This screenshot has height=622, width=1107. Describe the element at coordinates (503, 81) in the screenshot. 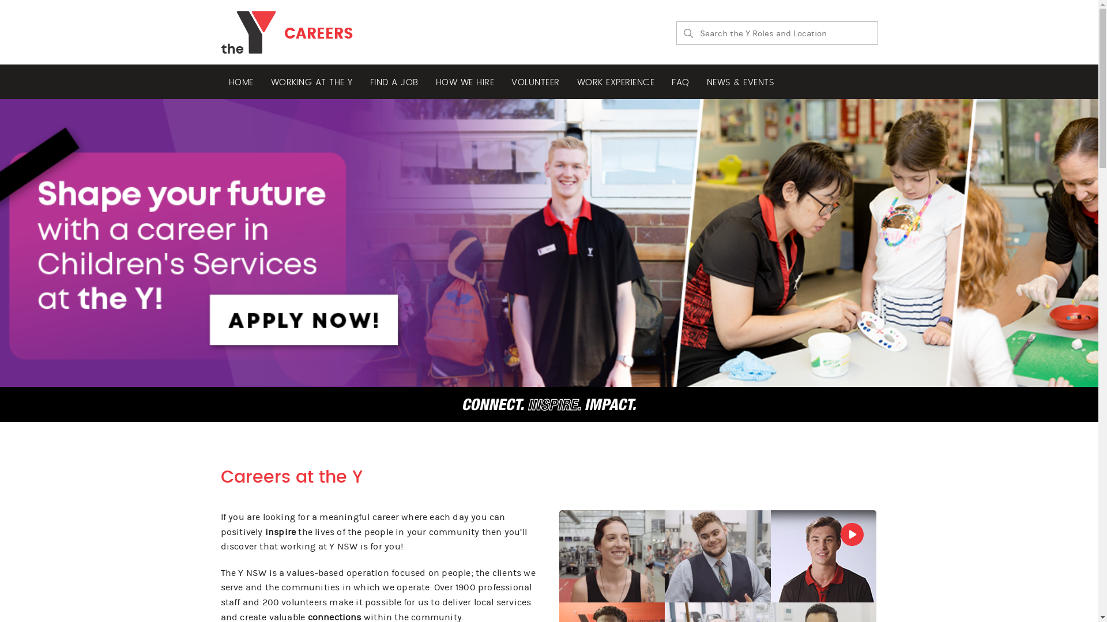

I see `'VOLUNTEER'` at that location.